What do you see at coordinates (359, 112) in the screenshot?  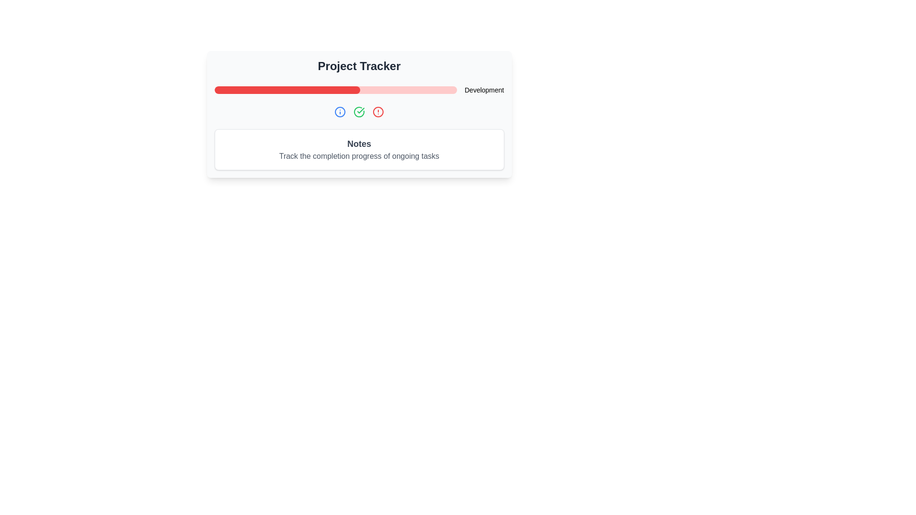 I see `the outer circle of the 'success' or 'check-circle' icon, which is located in the middle of three small icons below a progress bar` at bounding box center [359, 112].